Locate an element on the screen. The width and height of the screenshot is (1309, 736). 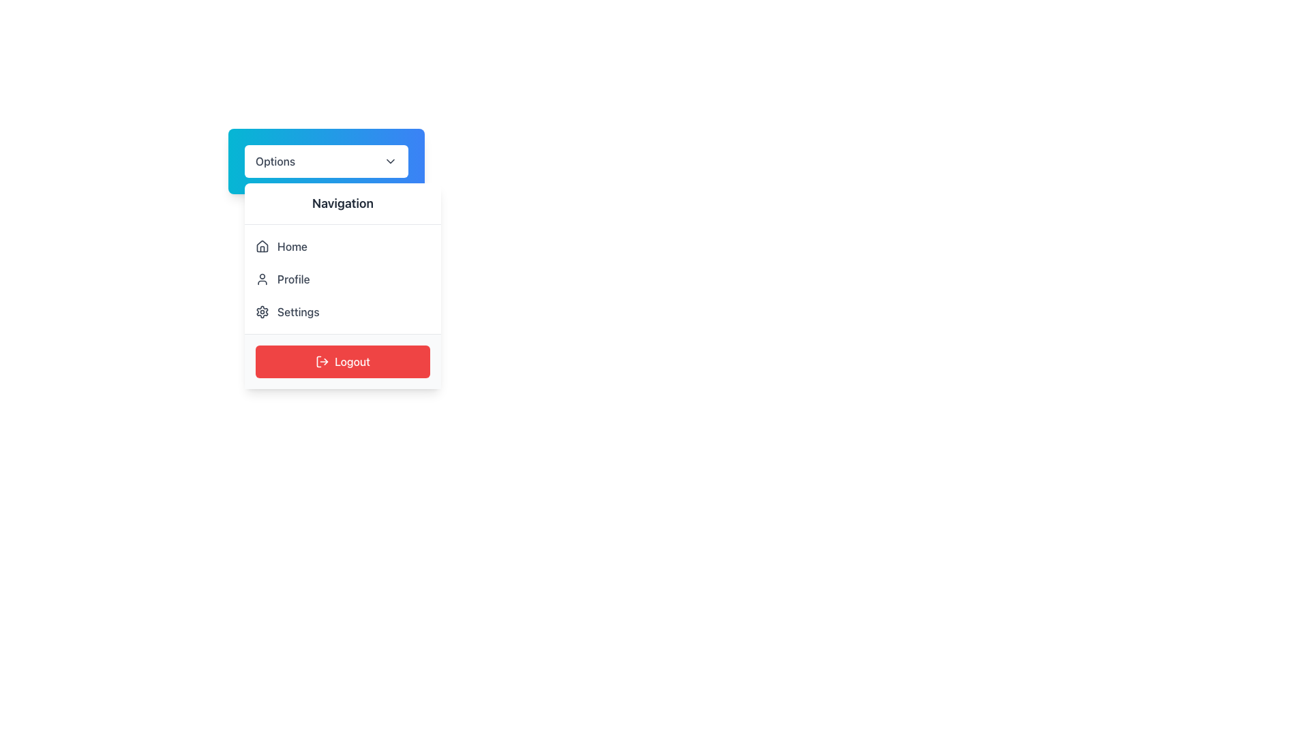
the icon positioned to the left of the 'Logout' red button is located at coordinates (322, 361).